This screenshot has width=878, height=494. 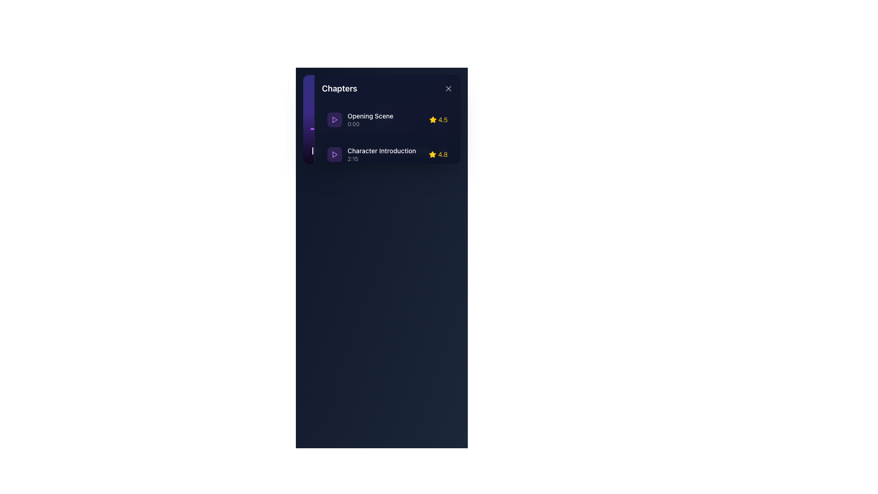 I want to click on the time value text element located at the bottom-left of the chapter details pane, beneath 'Opening Scene', so click(x=370, y=124).